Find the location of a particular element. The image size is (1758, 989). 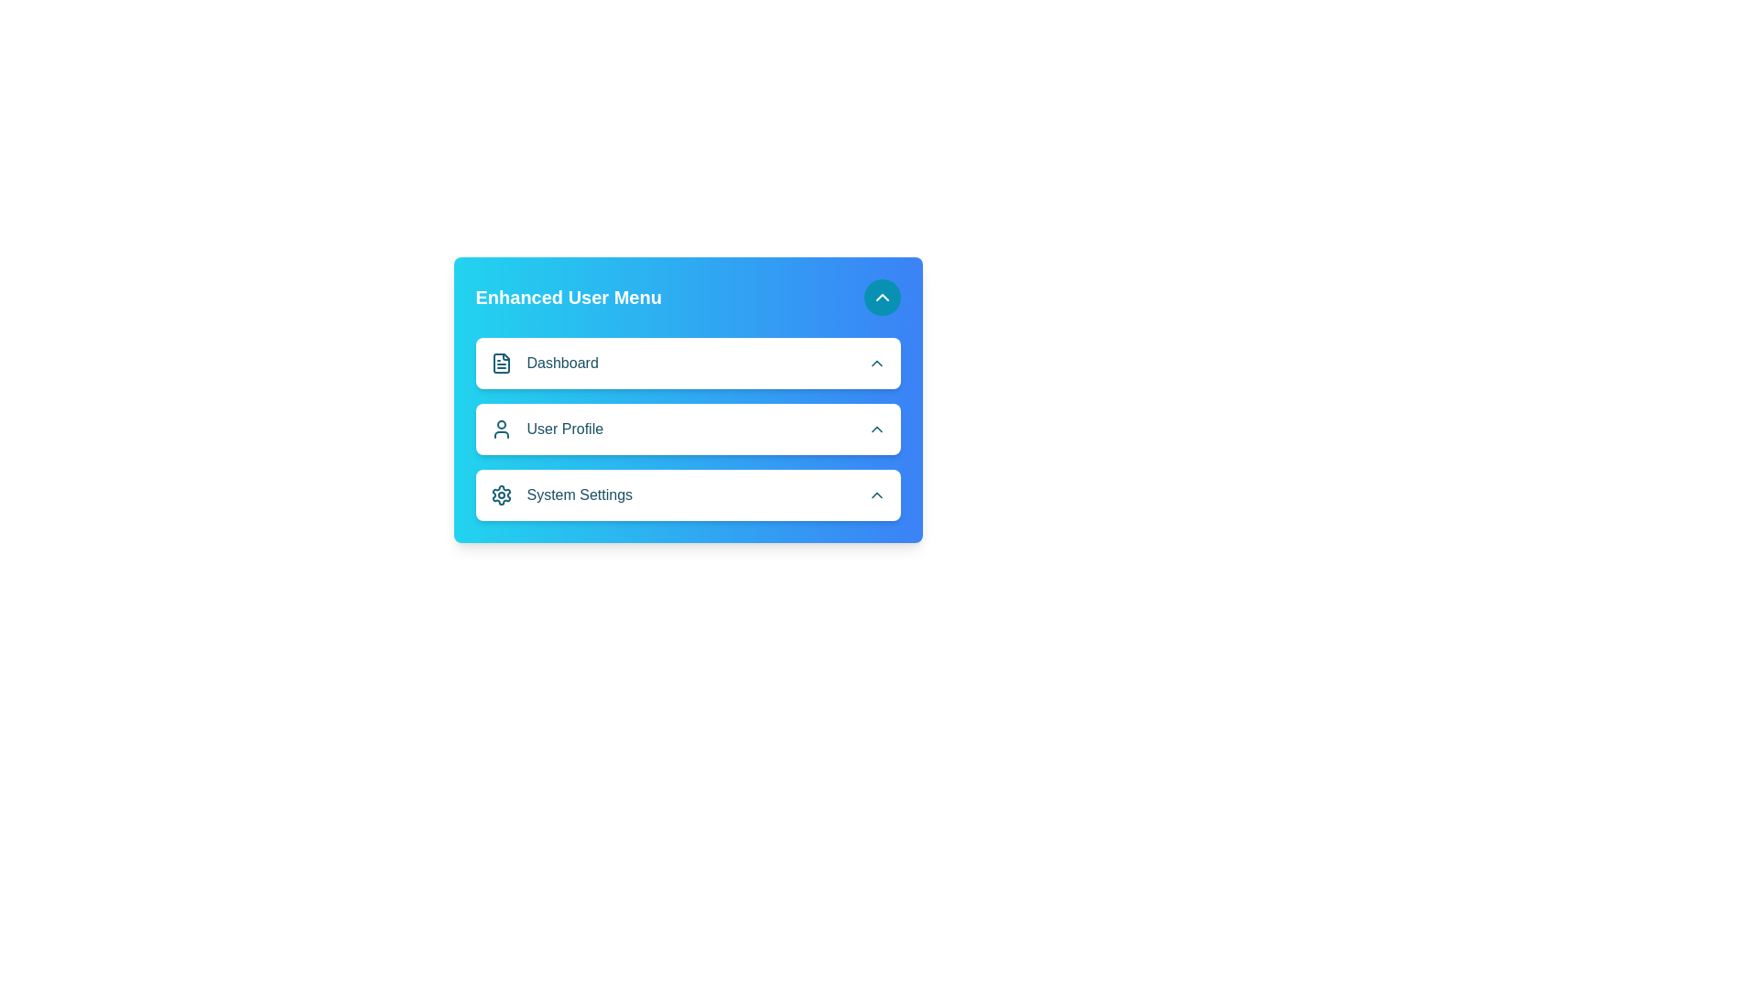

the document icon with cyan color and rounded edges located within the 'Dashboard' menu item, which is the first element under the 'Enhanced User Menu' is located at coordinates (501, 364).